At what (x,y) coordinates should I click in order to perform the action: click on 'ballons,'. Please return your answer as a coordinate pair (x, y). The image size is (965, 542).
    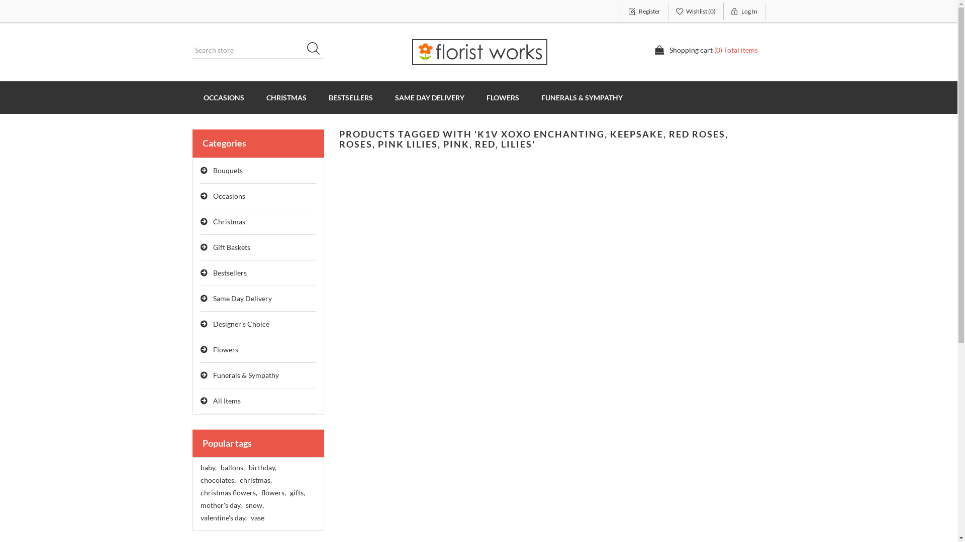
    Looking at the image, I should click on (231, 468).